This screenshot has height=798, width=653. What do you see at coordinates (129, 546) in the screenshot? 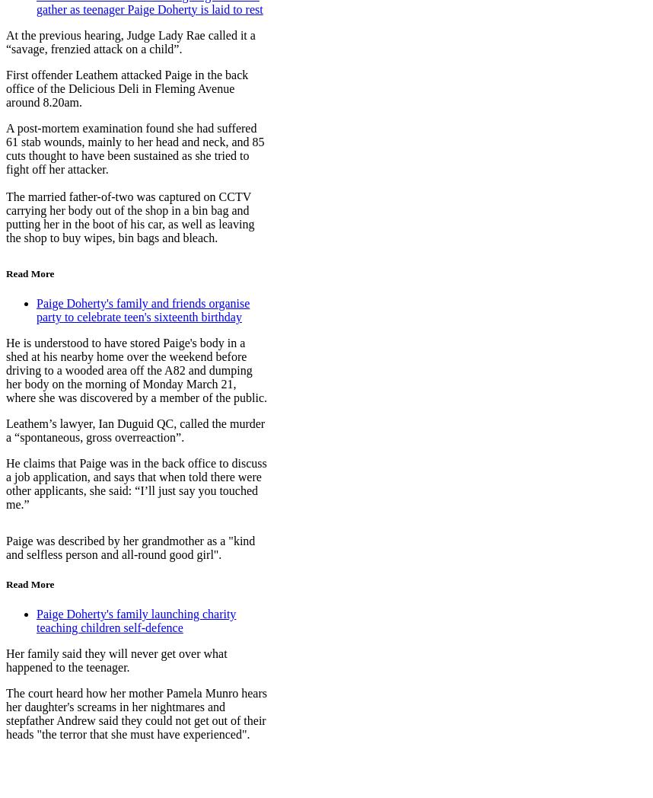
I see `'Paige was described by her grandmother as a "kind and selfless person and all-round good girl".'` at bounding box center [129, 546].